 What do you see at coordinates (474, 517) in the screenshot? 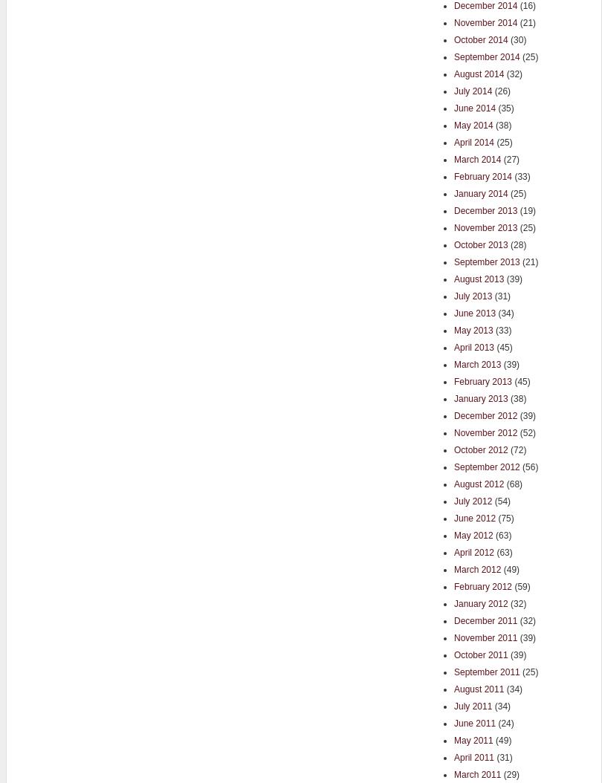
I see `'June 2012'` at bounding box center [474, 517].